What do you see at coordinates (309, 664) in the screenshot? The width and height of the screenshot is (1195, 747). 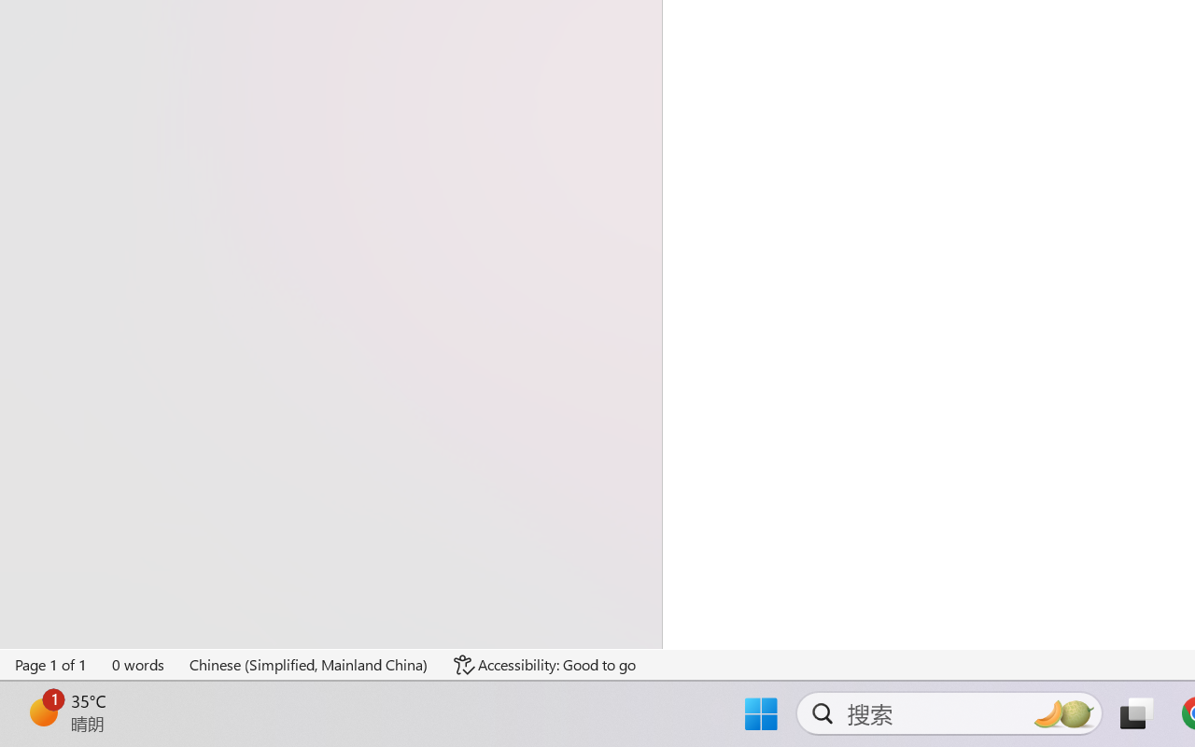 I see `'Language Chinese (Simplified, Mainland China)'` at bounding box center [309, 664].